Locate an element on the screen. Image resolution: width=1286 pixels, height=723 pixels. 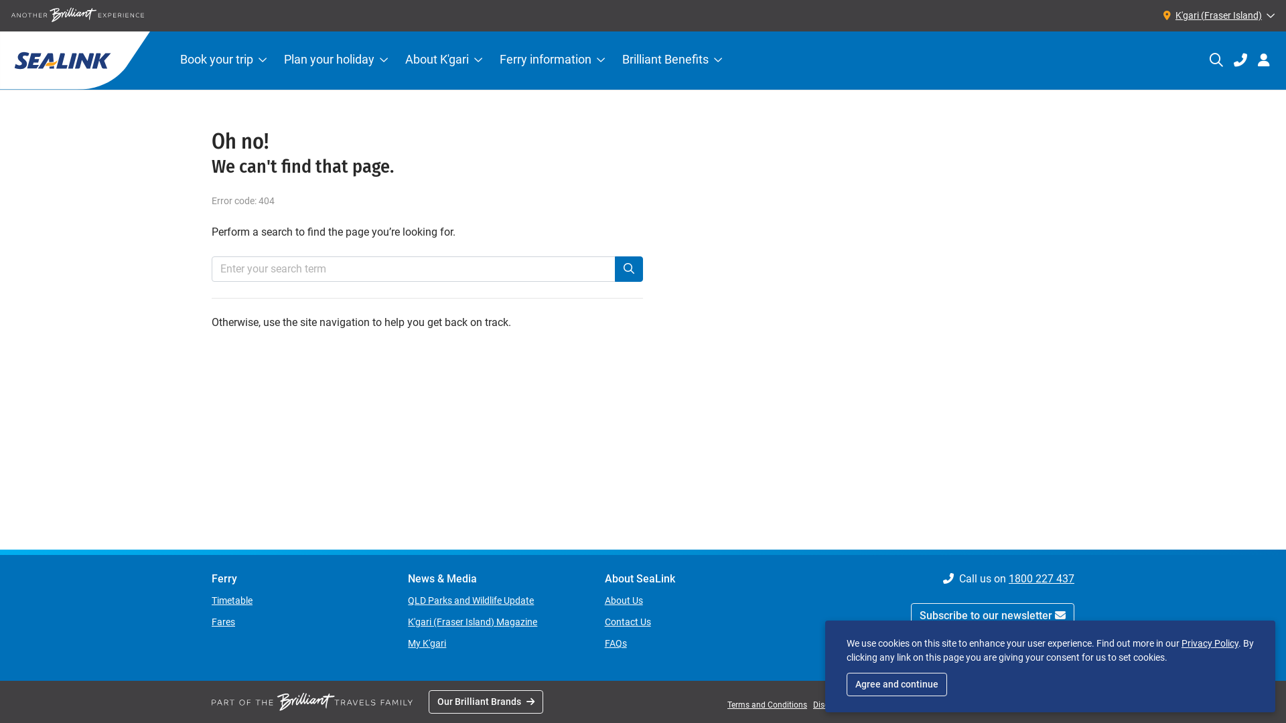
'Contact Us' is located at coordinates (627, 622).